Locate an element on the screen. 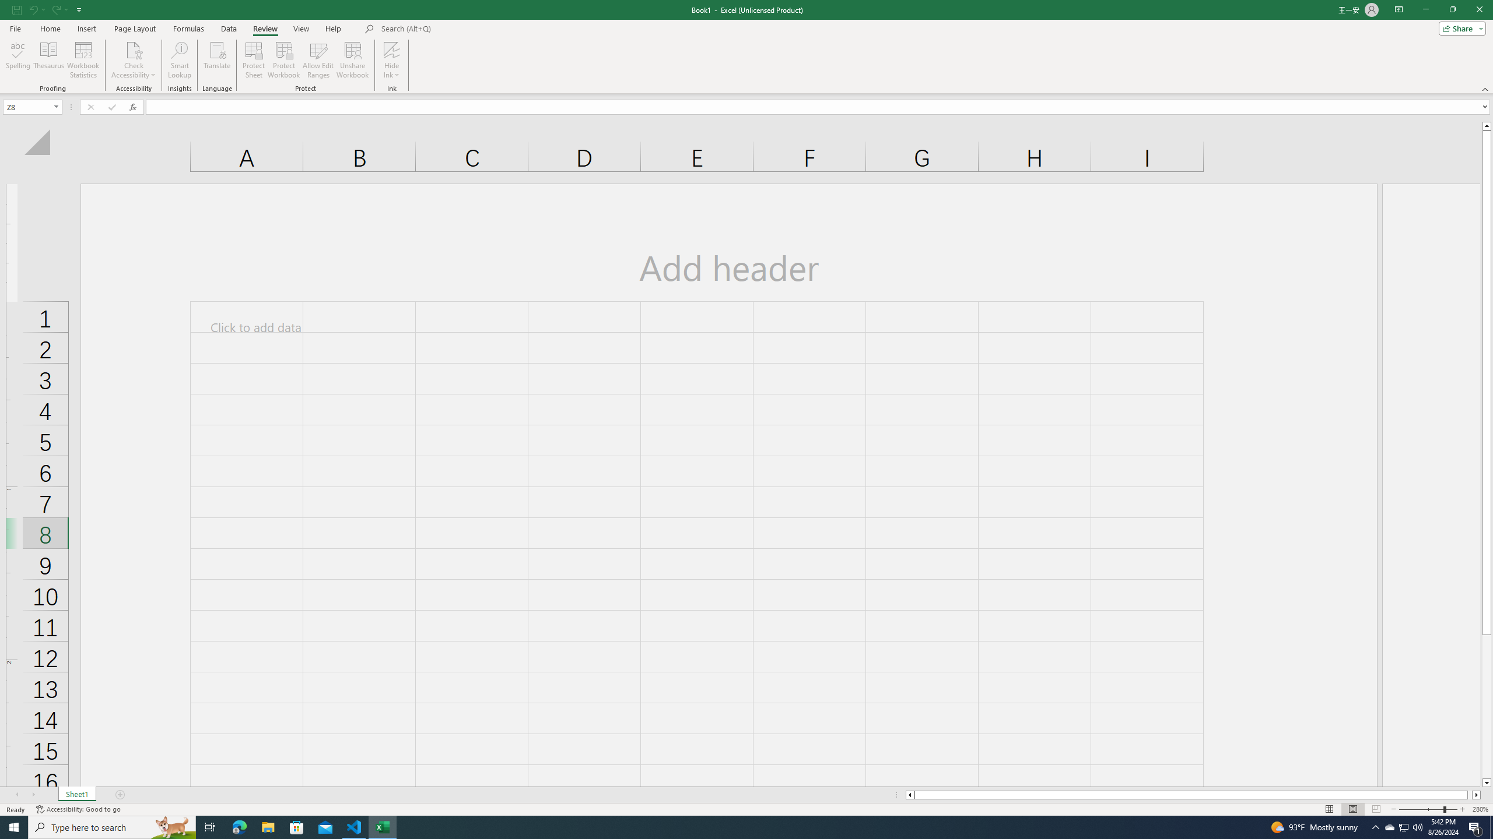 Image resolution: width=1493 pixels, height=839 pixels. 'Check Accessibility' is located at coordinates (133, 49).